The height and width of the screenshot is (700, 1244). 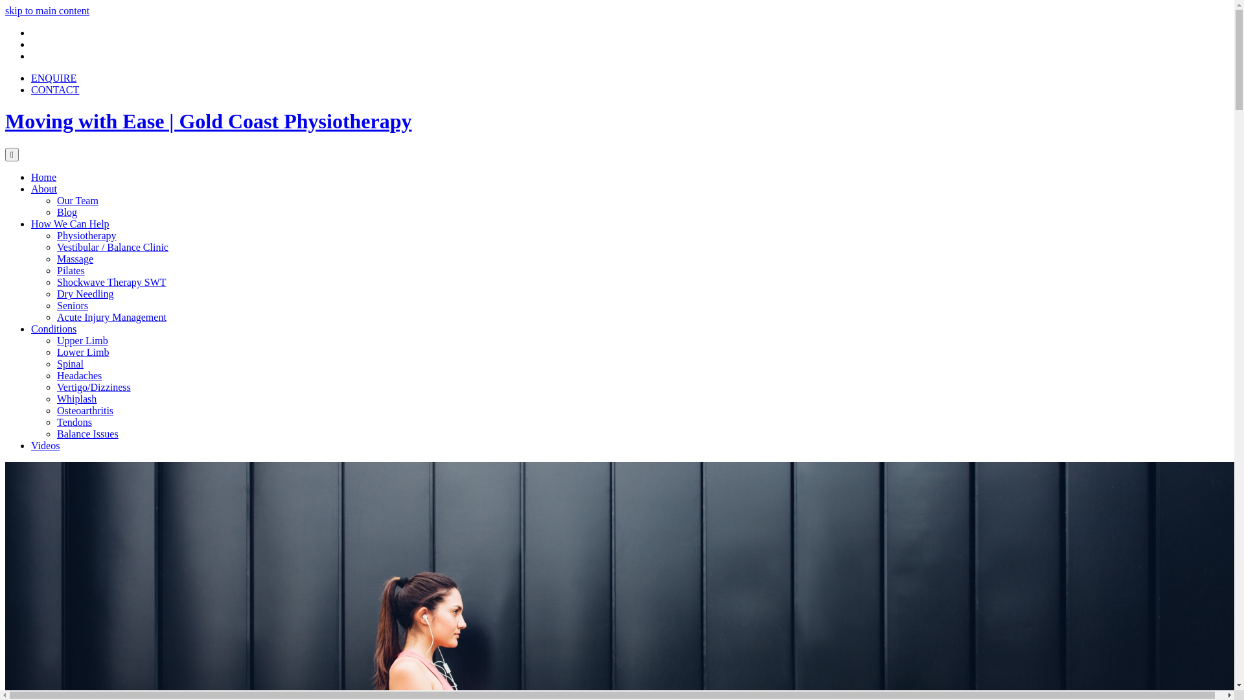 I want to click on 'Videos', so click(x=45, y=445).